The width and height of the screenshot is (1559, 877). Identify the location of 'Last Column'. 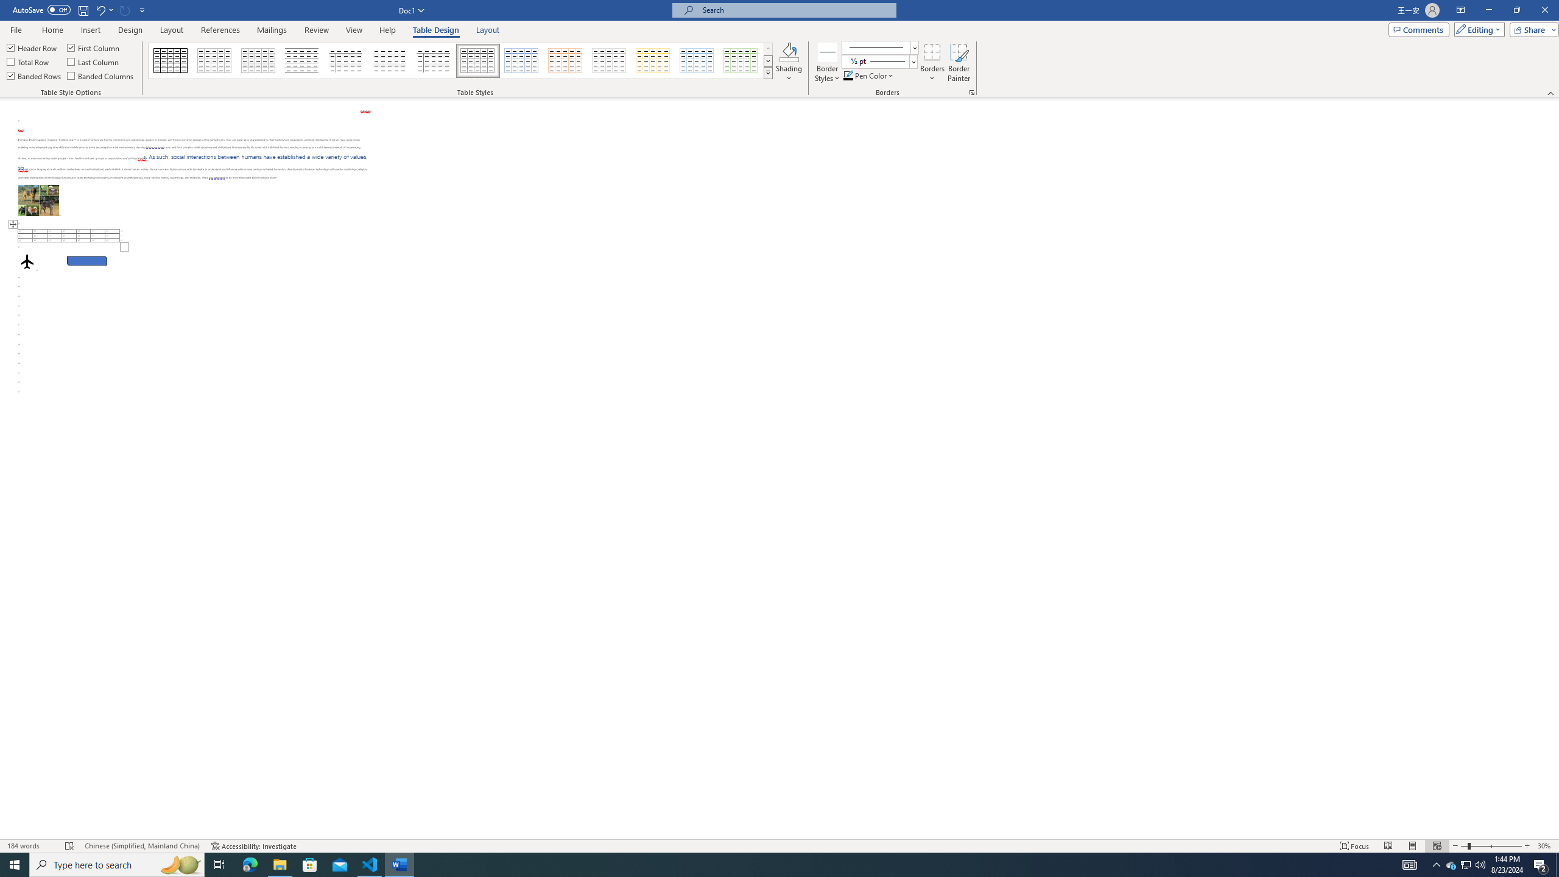
(94, 60).